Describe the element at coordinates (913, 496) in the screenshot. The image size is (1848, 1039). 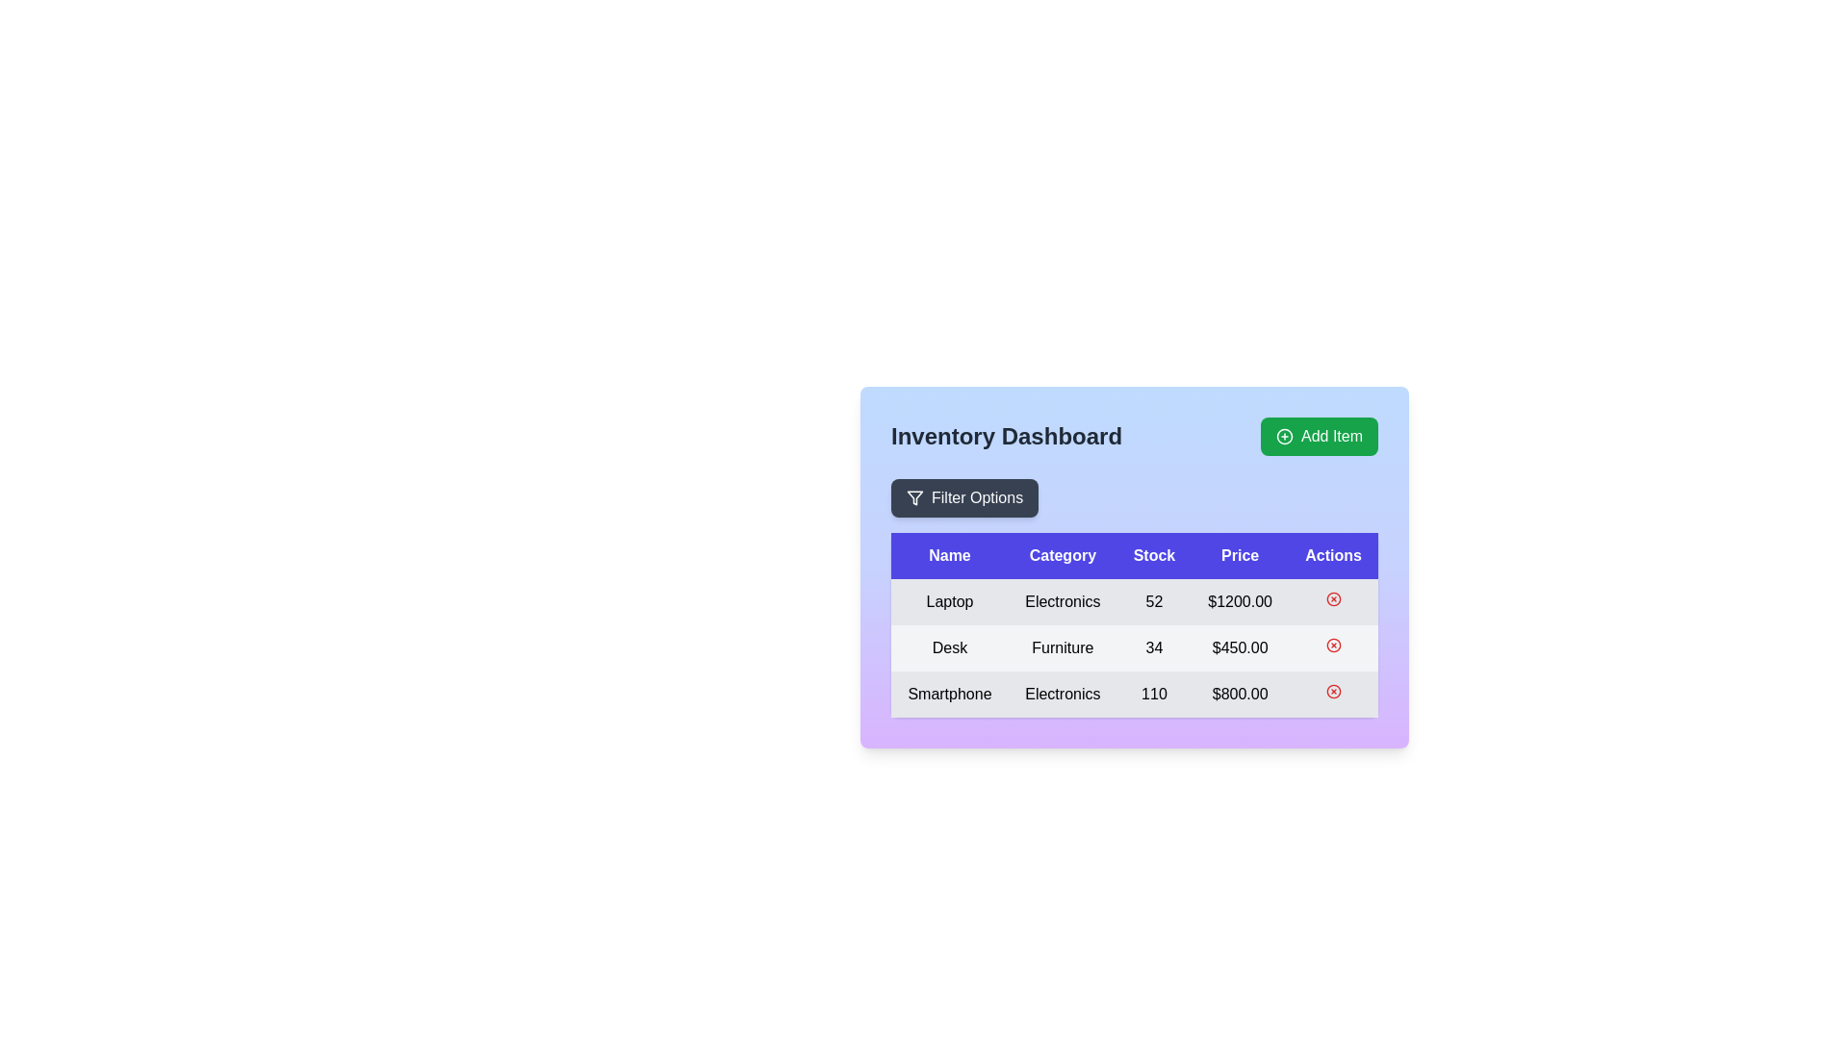
I see `the 'Filter Options' button which contains the icon for filtering options related to the data table` at that location.